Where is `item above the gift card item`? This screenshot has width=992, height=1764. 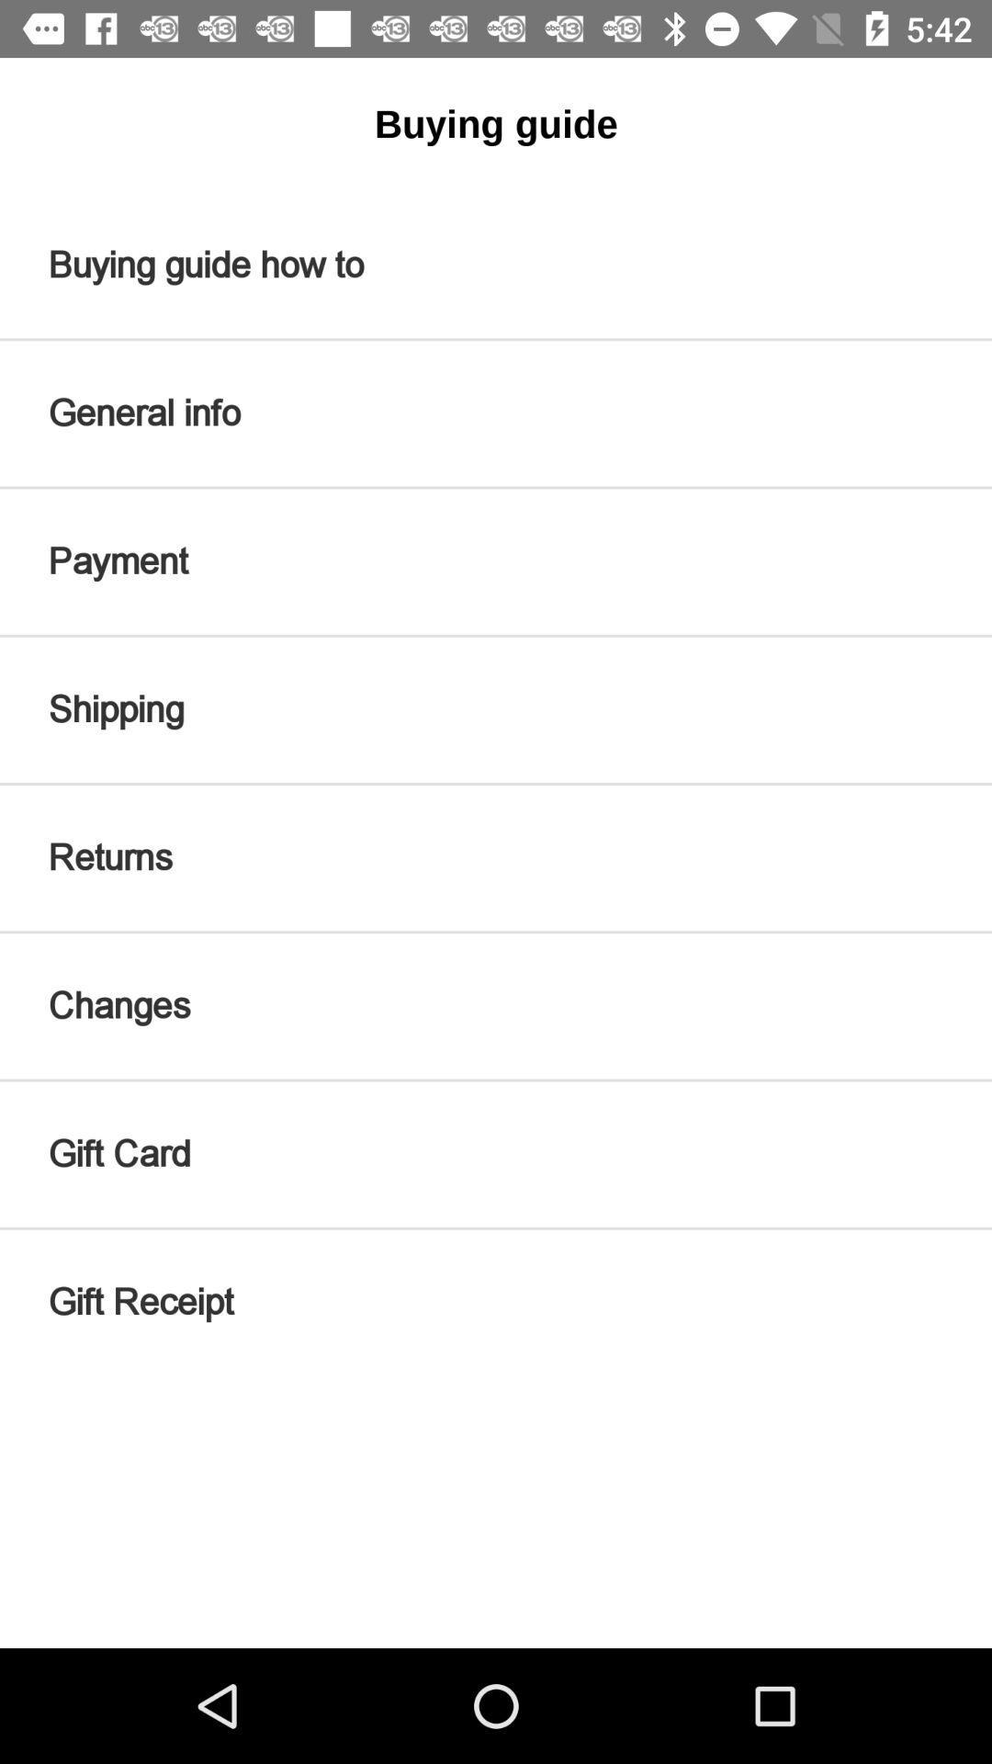
item above the gift card item is located at coordinates (496, 1005).